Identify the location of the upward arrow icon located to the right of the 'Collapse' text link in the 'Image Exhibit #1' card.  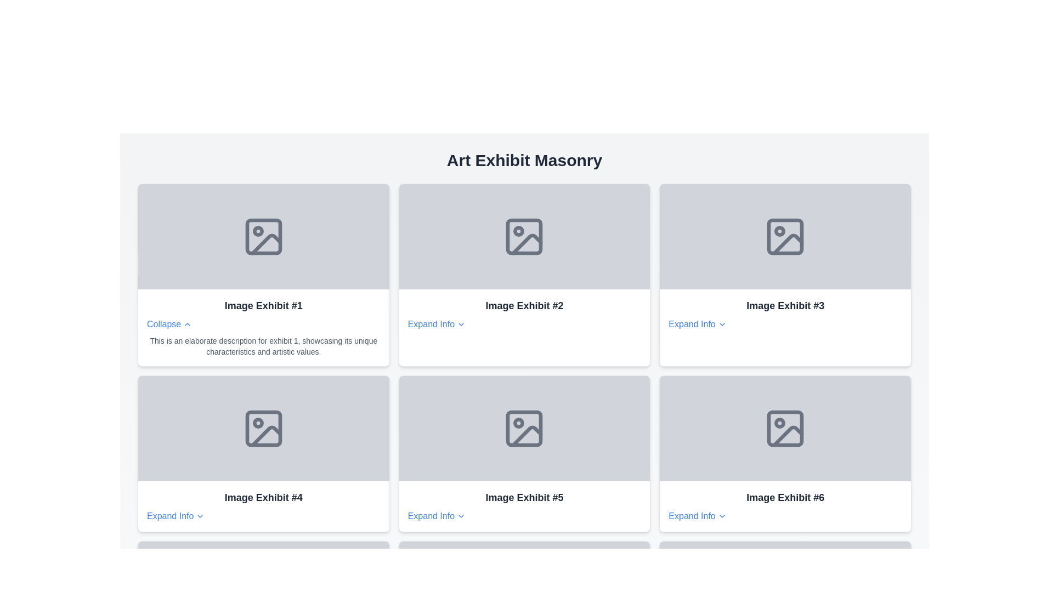
(187, 323).